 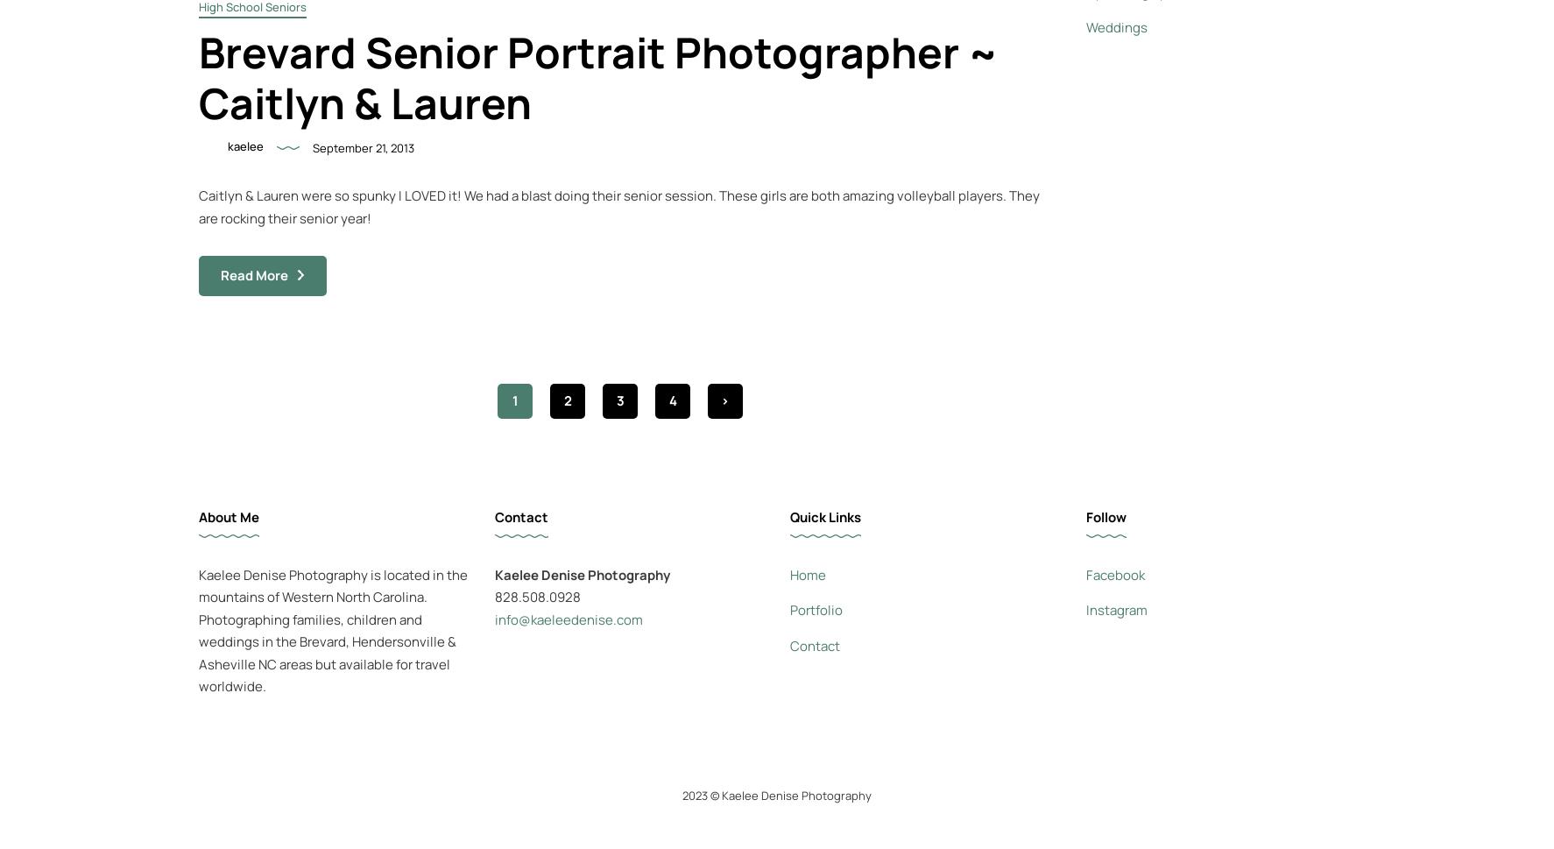 I want to click on 'Kaelee Denise Photography is located in the mountains of Western North Carolina. Photographing families, children and weddings in the Brevard, Hendersonville & Asheville NC areas but available for travel worldwide.', so click(x=332, y=630).